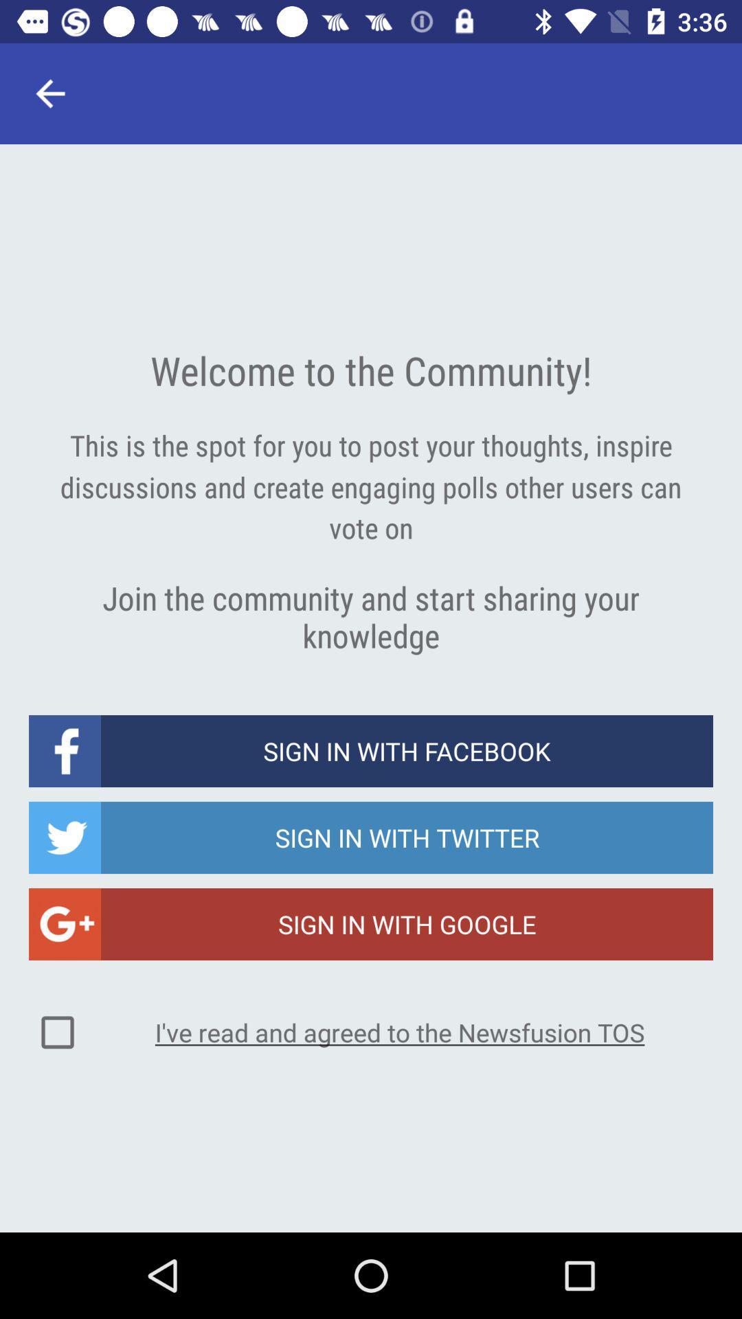 Image resolution: width=742 pixels, height=1319 pixels. What do you see at coordinates (57, 1032) in the screenshot?
I see `the icon to the left of the i ve read item` at bounding box center [57, 1032].